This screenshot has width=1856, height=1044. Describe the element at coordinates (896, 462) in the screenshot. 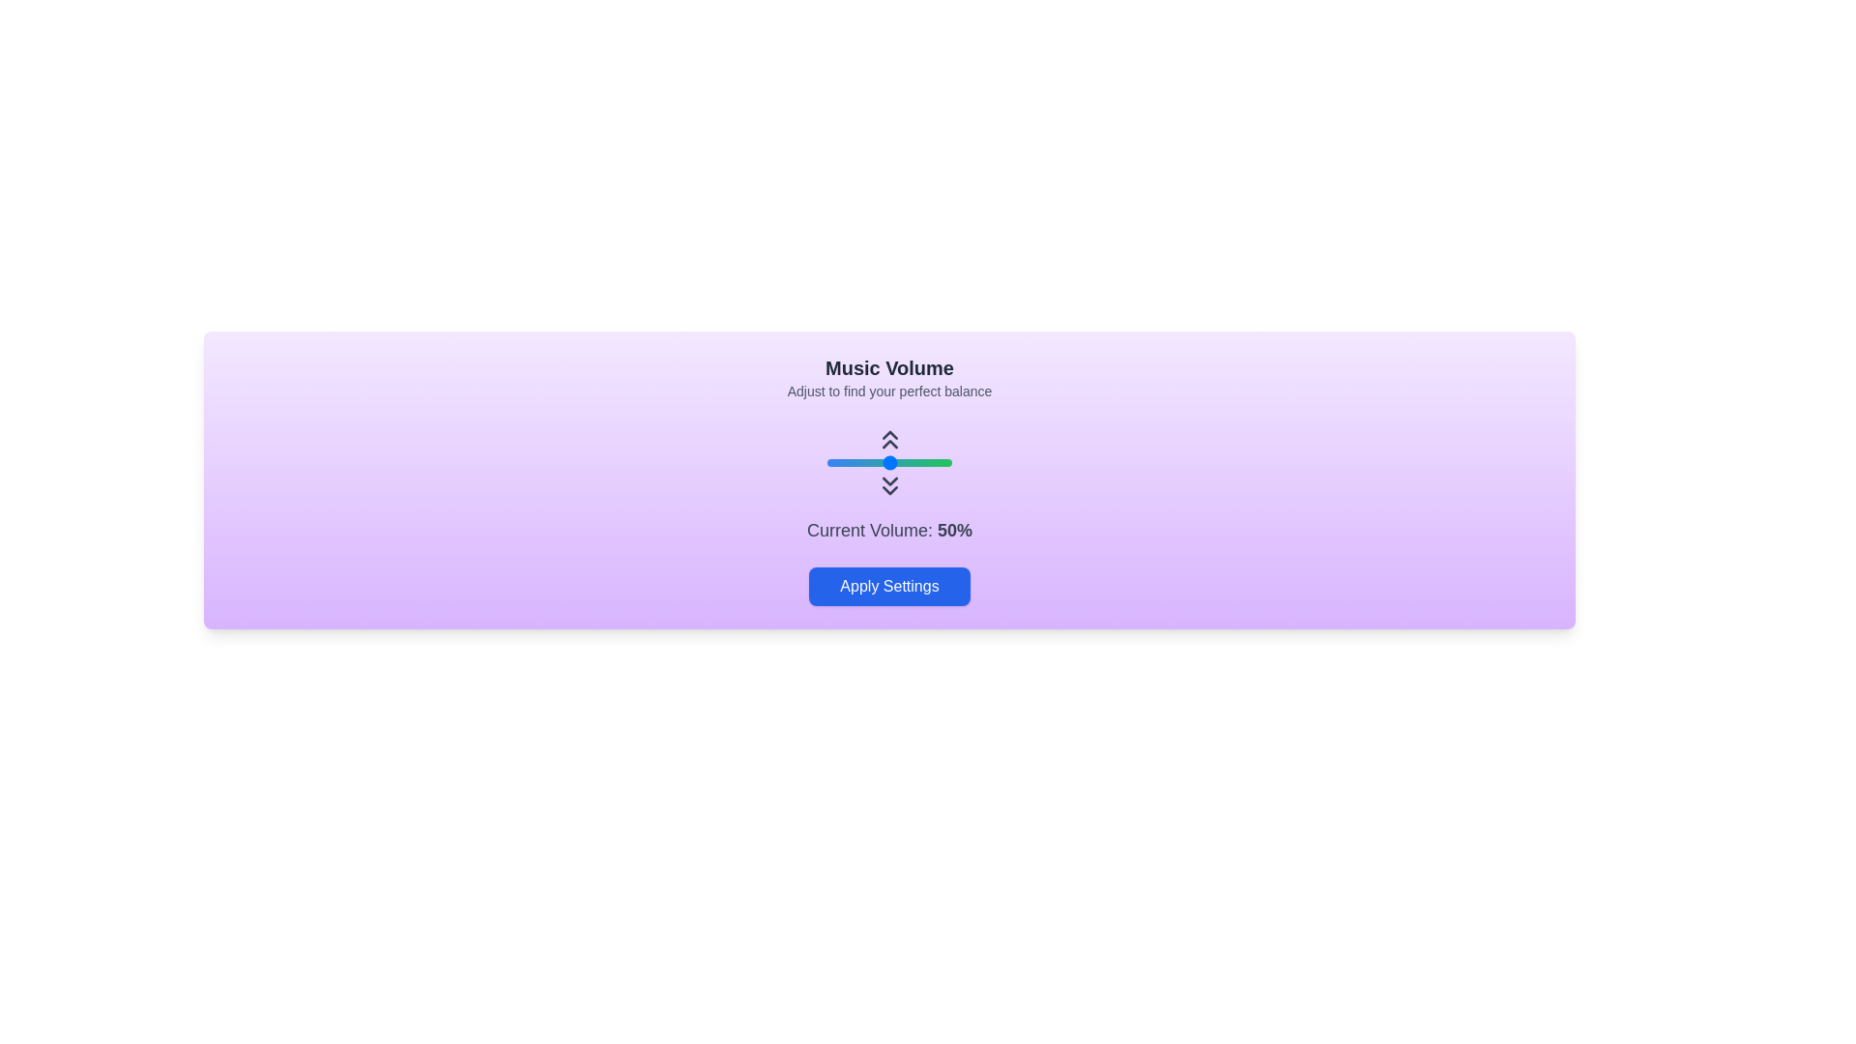

I see `the volume slider to 56%` at that location.